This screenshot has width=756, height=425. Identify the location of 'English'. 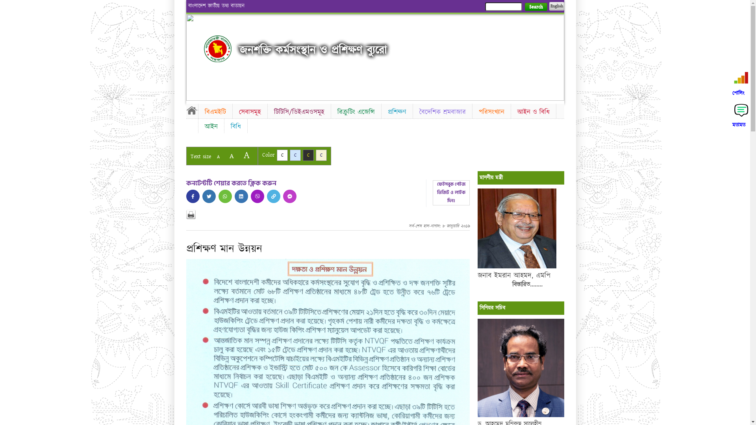
(556, 6).